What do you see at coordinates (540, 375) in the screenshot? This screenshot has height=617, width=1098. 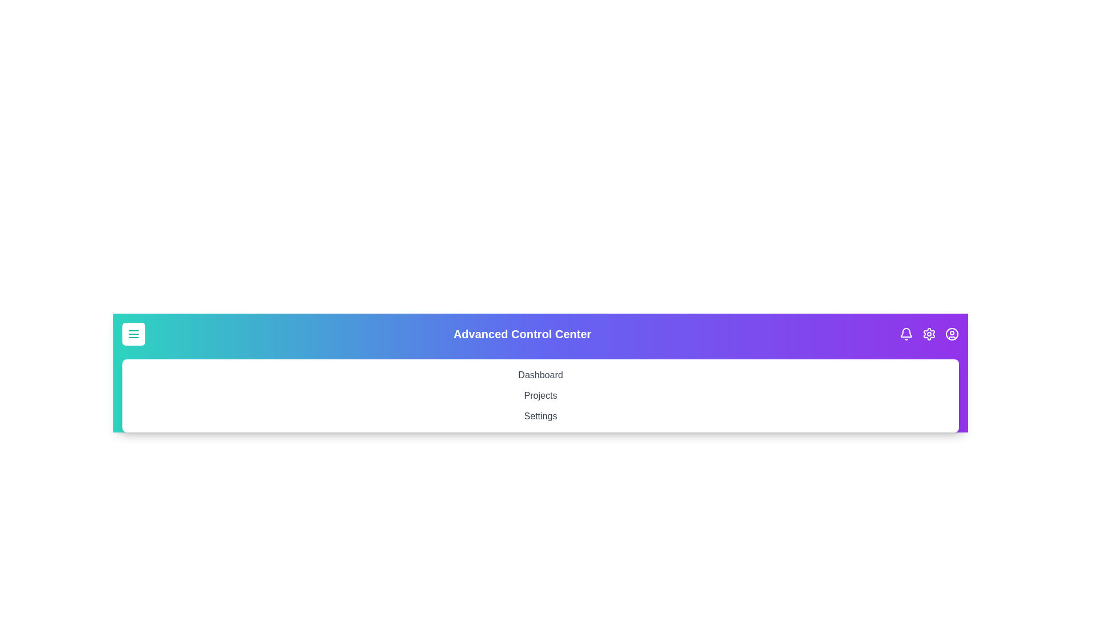 I see `the Dashboard link in the app bar` at bounding box center [540, 375].